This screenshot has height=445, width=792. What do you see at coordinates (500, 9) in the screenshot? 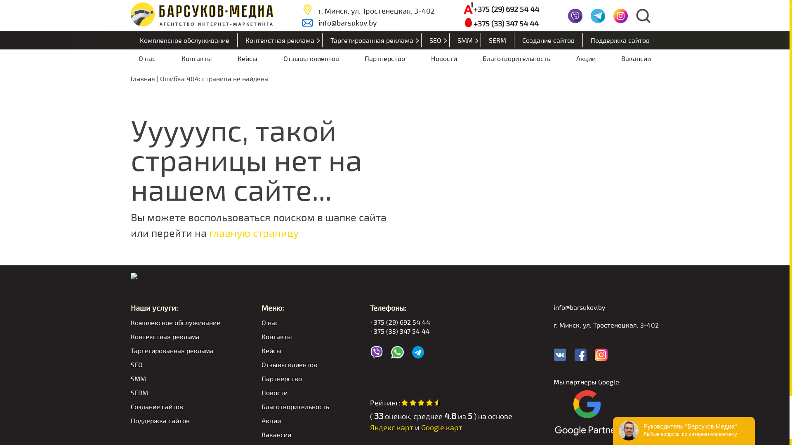
I see `'+375 (29) 692 54 44'` at bounding box center [500, 9].